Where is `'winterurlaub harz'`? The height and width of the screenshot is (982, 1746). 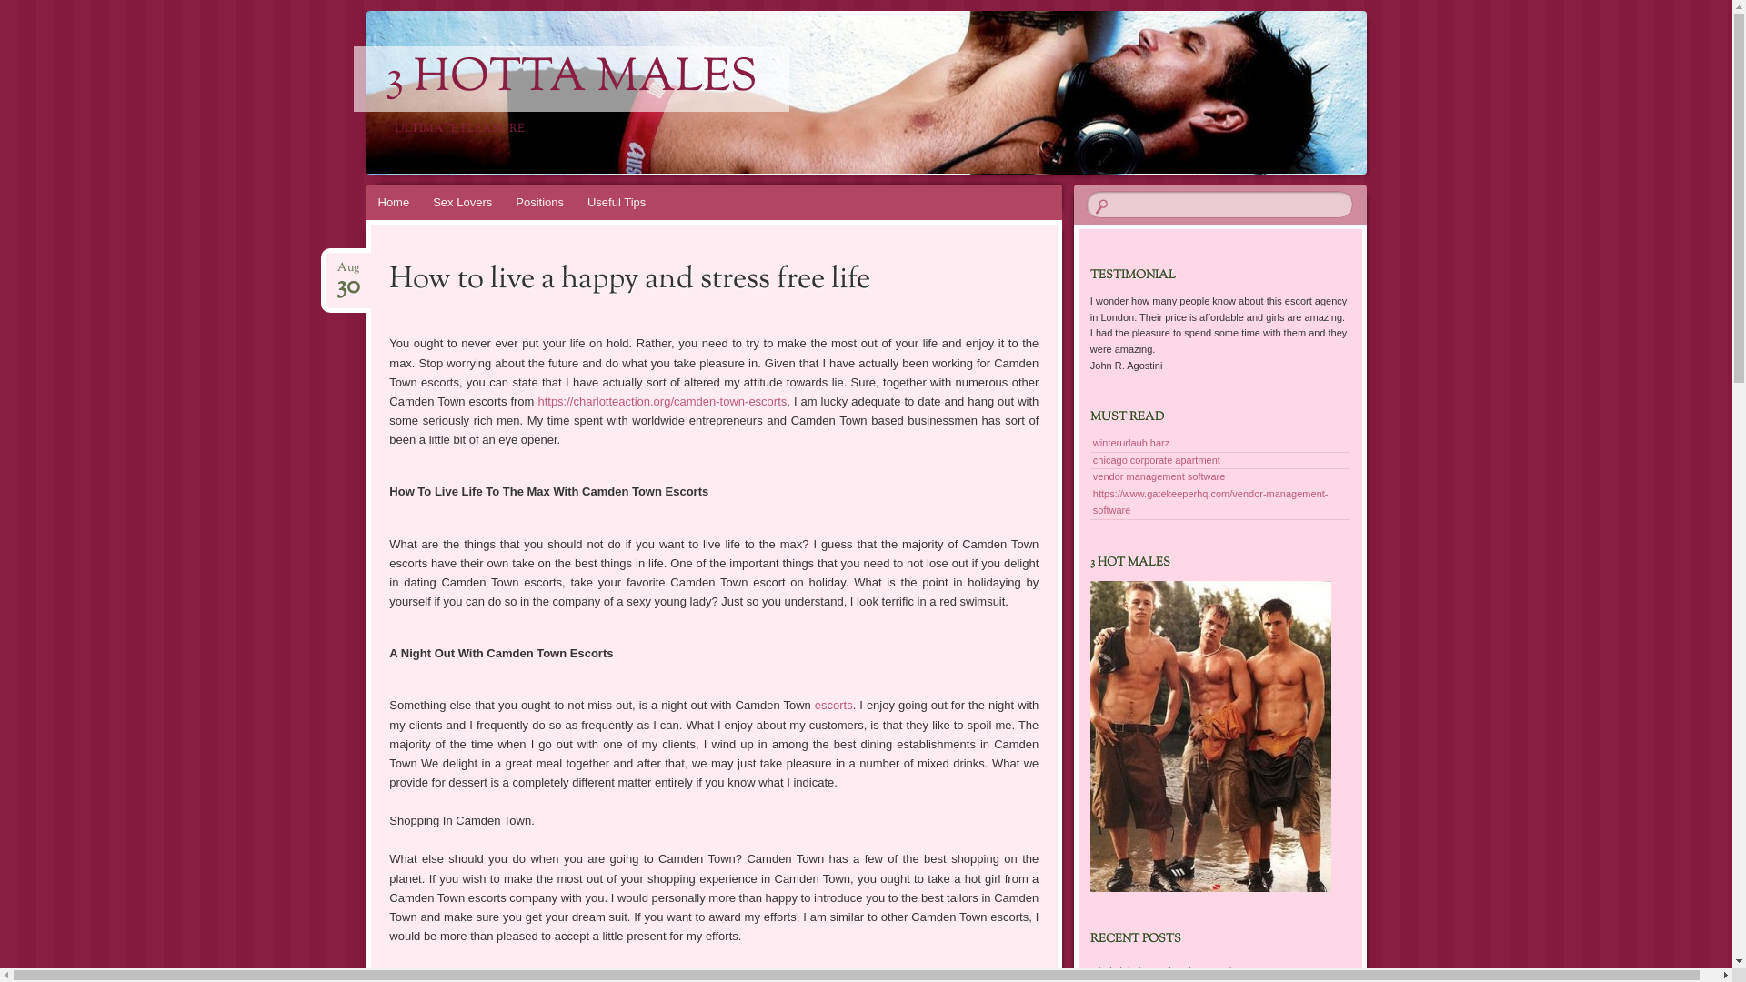 'winterurlaub harz' is located at coordinates (1129, 442).